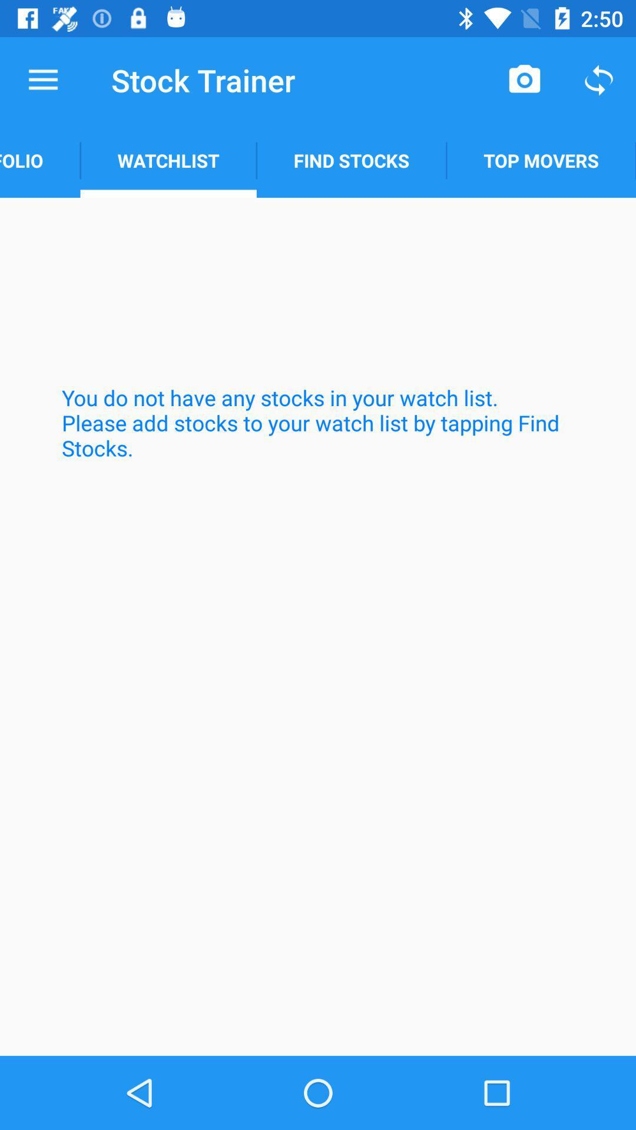 This screenshot has width=636, height=1130. I want to click on item next to watchlist app, so click(39, 160).